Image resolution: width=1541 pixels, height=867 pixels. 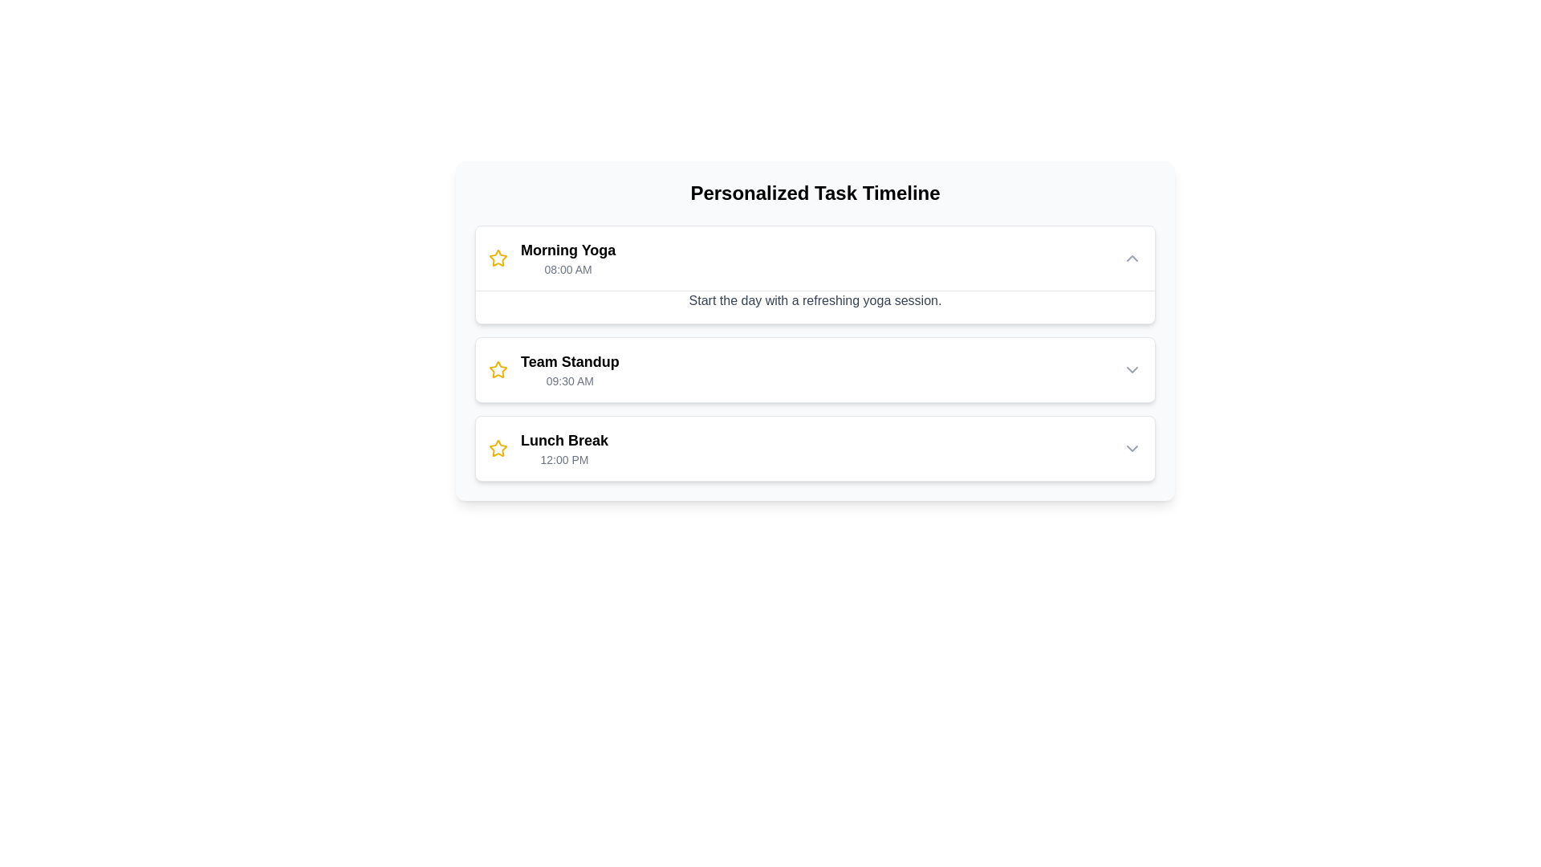 I want to click on the text label displaying '08:00 AM', which is styled in light gray and positioned below the bold text 'Morning Yoga', so click(x=568, y=268).